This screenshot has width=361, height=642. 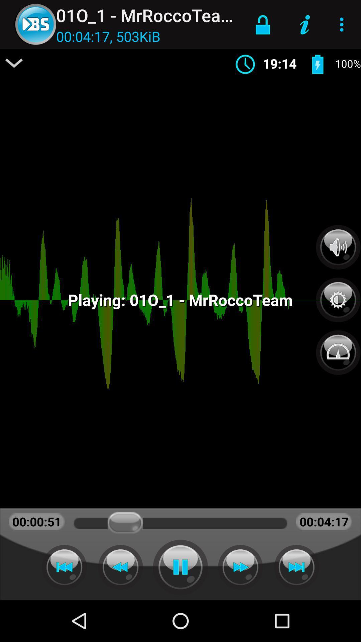 I want to click on skip forward, so click(x=240, y=567).